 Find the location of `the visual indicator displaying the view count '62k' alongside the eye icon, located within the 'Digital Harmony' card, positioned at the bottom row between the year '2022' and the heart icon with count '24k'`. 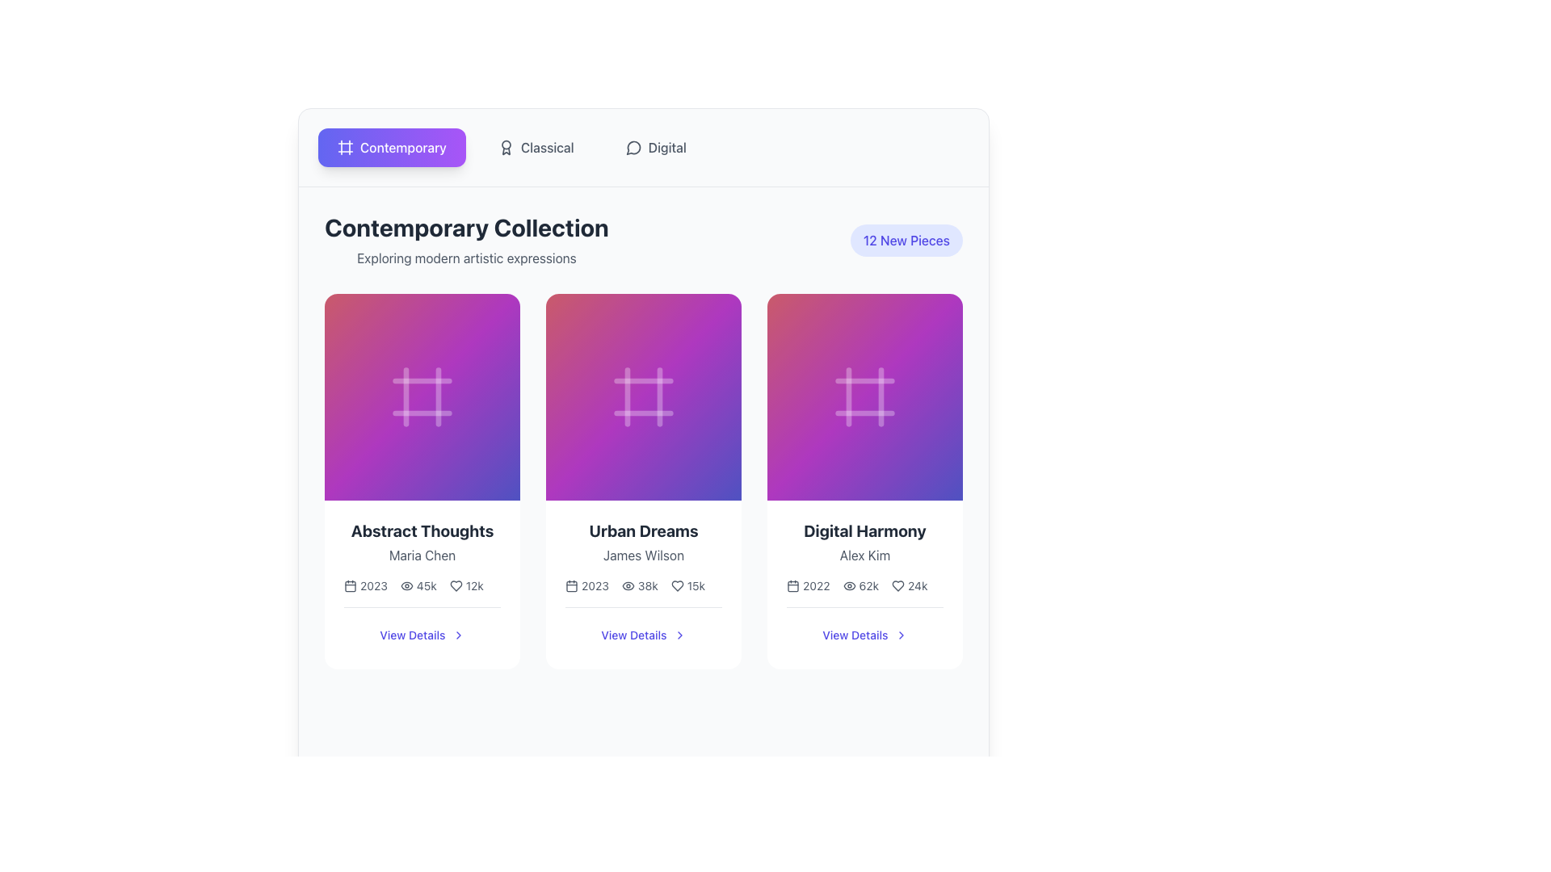

the visual indicator displaying the view count '62k' alongside the eye icon, located within the 'Digital Harmony' card, positioned at the bottom row between the year '2022' and the heart icon with count '24k' is located at coordinates (860, 585).